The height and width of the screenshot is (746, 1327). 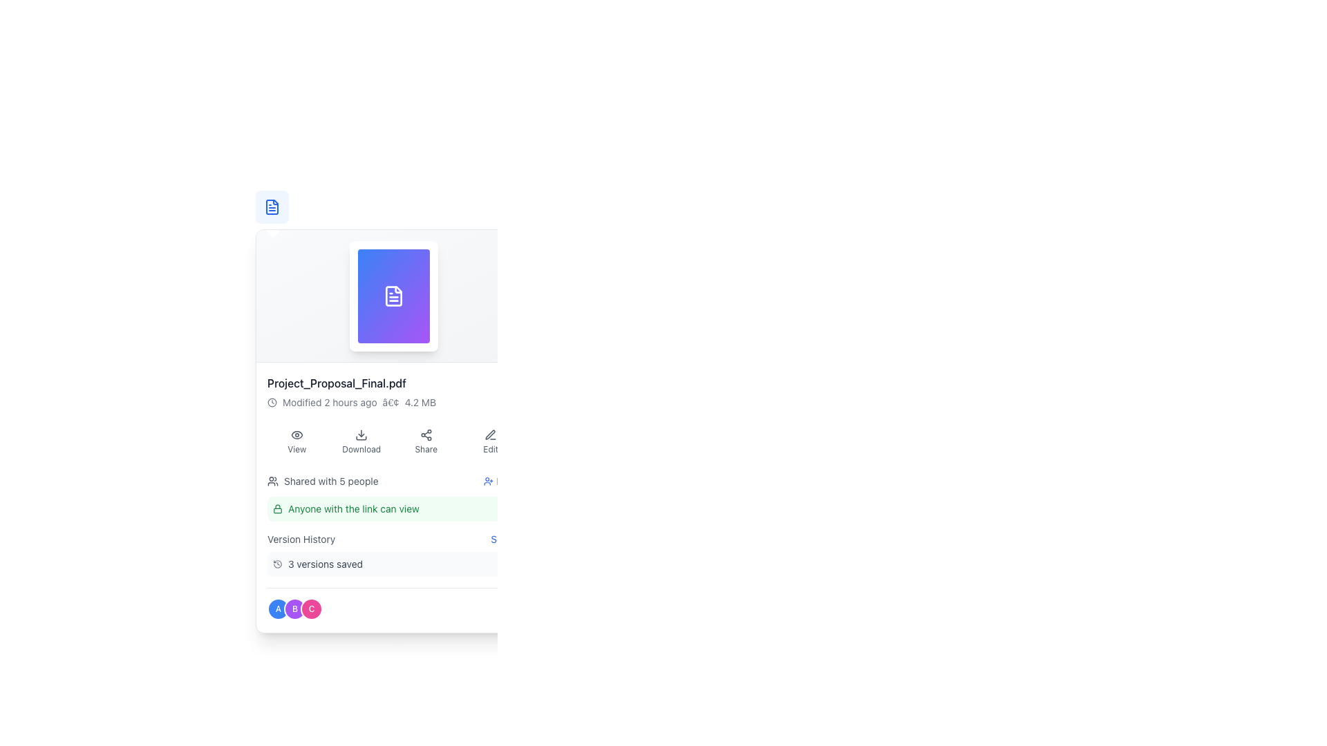 I want to click on the text label that describes the functionality of the 'Share' button, located below the interconnected nodes icon in the button group, so click(x=425, y=450).